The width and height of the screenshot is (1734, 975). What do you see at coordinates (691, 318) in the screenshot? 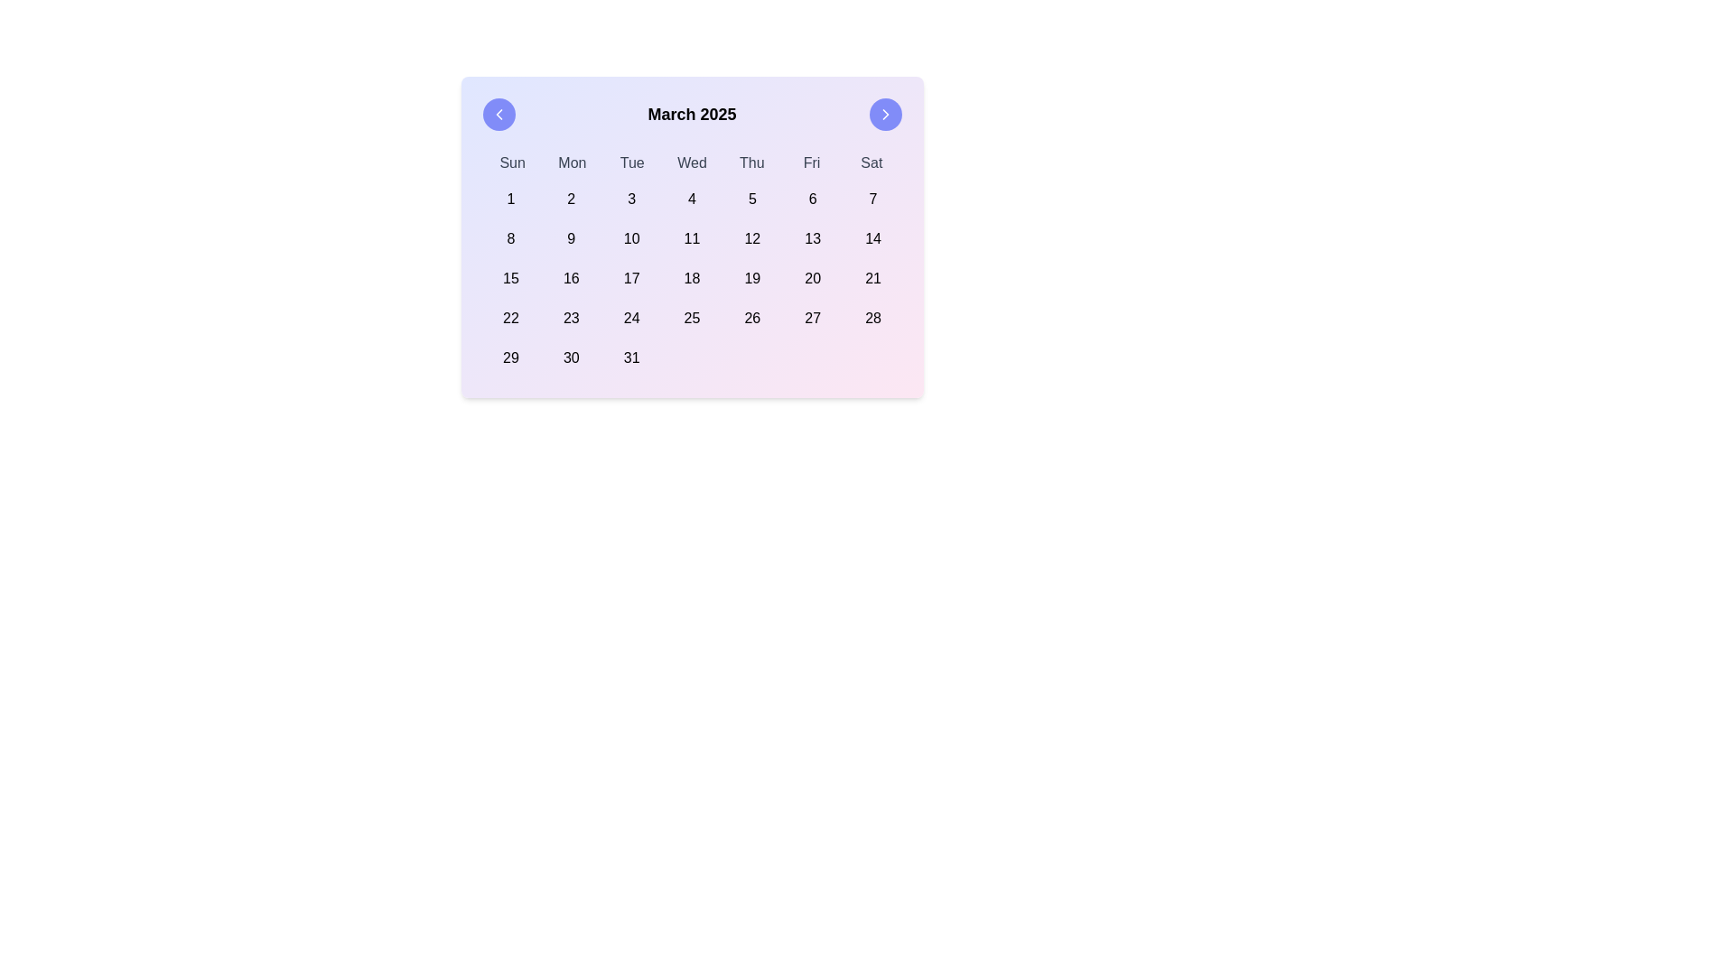
I see `the button displaying the number '25' in the calendar view` at bounding box center [691, 318].